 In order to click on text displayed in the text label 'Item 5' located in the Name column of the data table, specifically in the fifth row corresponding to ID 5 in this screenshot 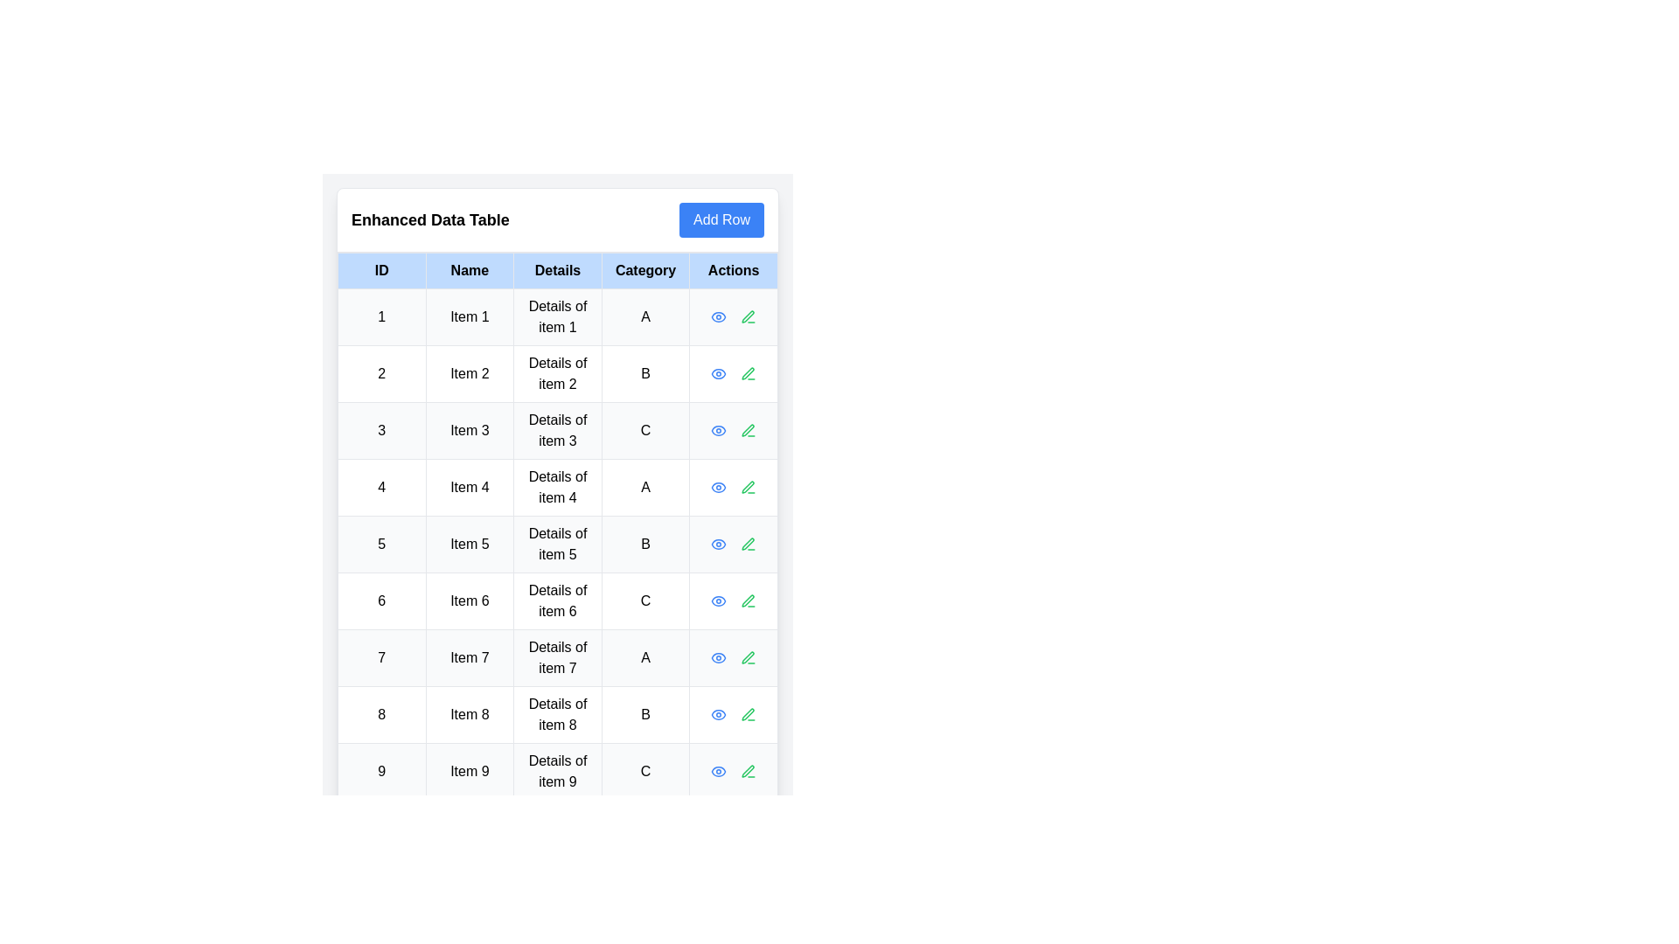, I will do `click(470, 544)`.